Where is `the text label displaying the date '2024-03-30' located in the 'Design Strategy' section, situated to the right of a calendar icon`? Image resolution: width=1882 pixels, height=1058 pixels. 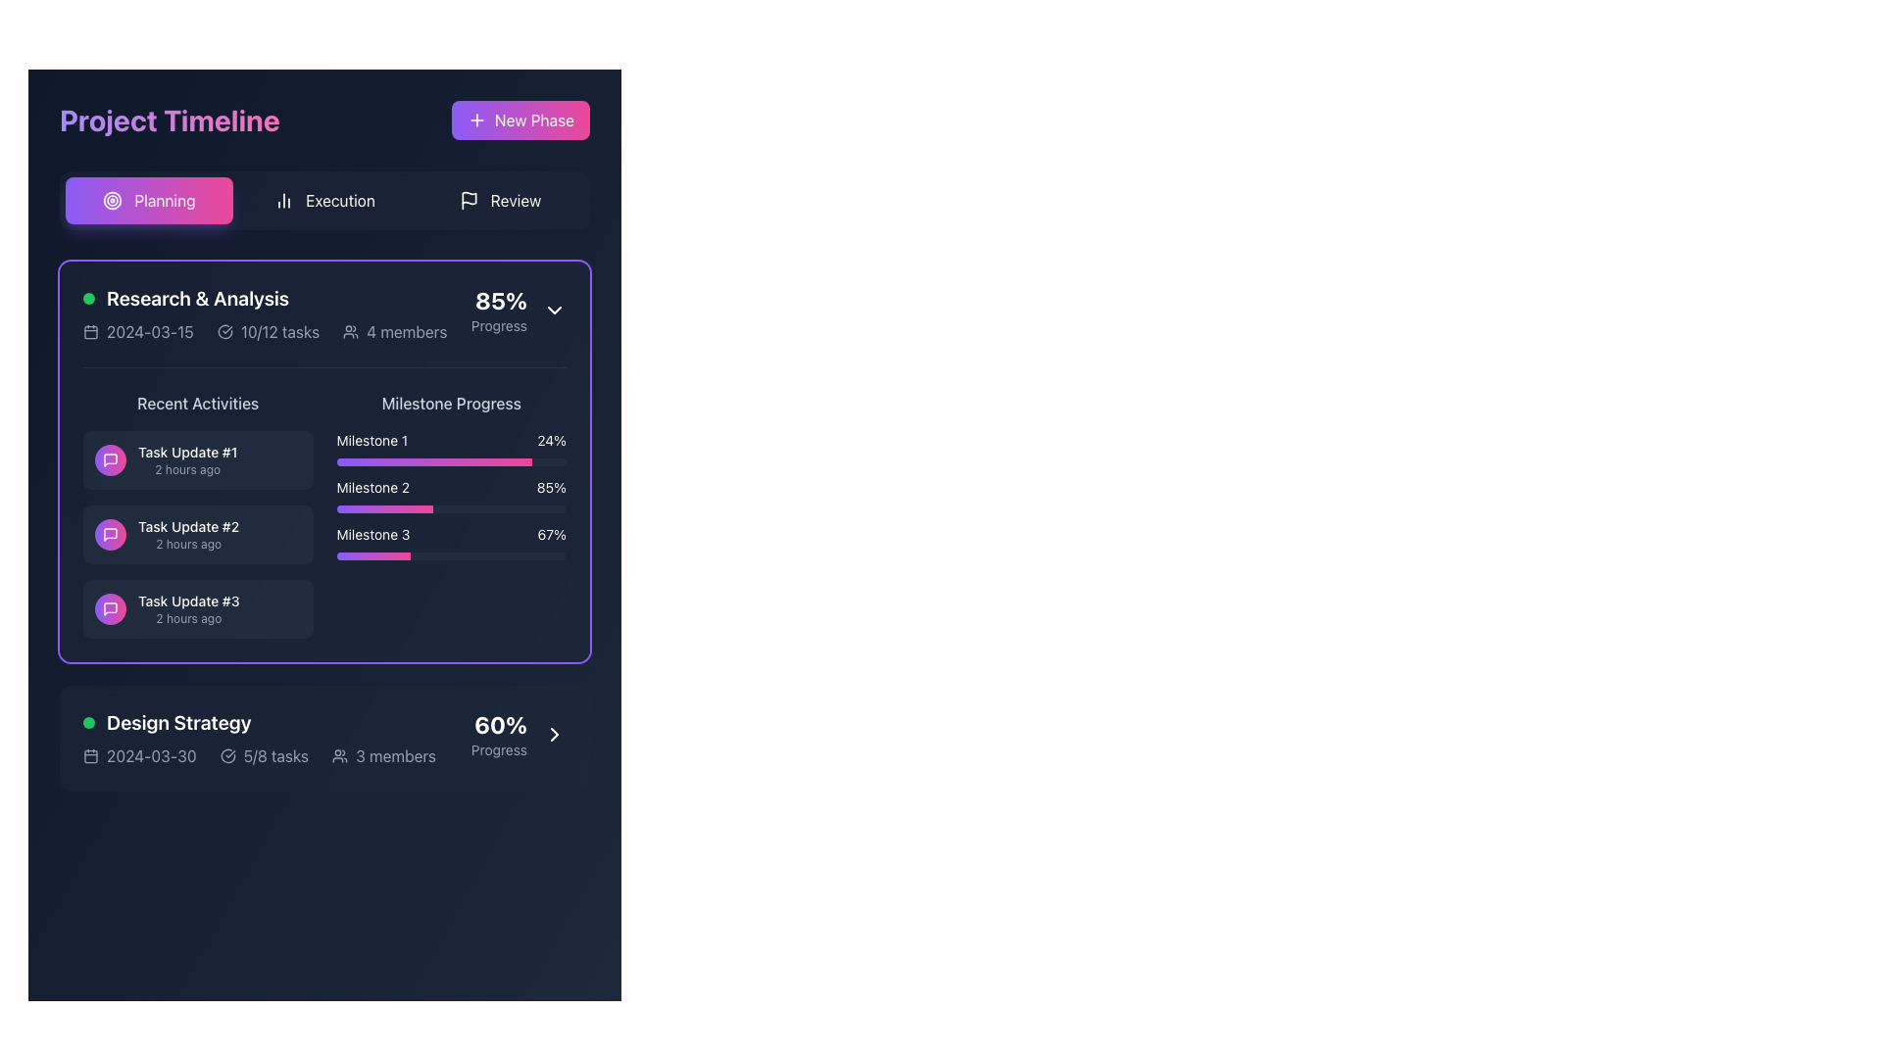
the text label displaying the date '2024-03-30' located in the 'Design Strategy' section, situated to the right of a calendar icon is located at coordinates (150, 754).